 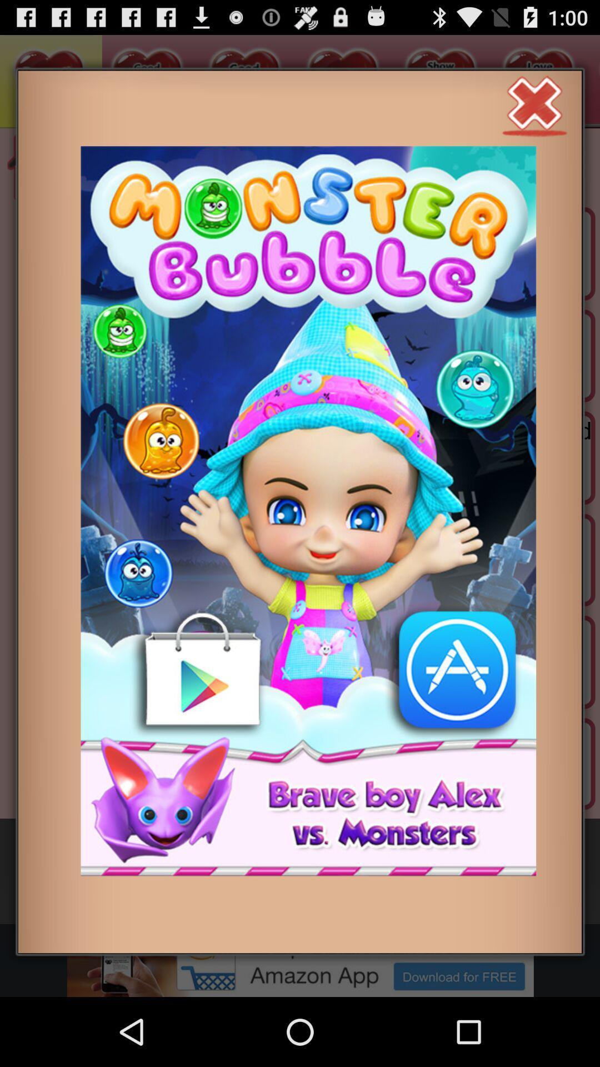 I want to click on close, so click(x=534, y=104).